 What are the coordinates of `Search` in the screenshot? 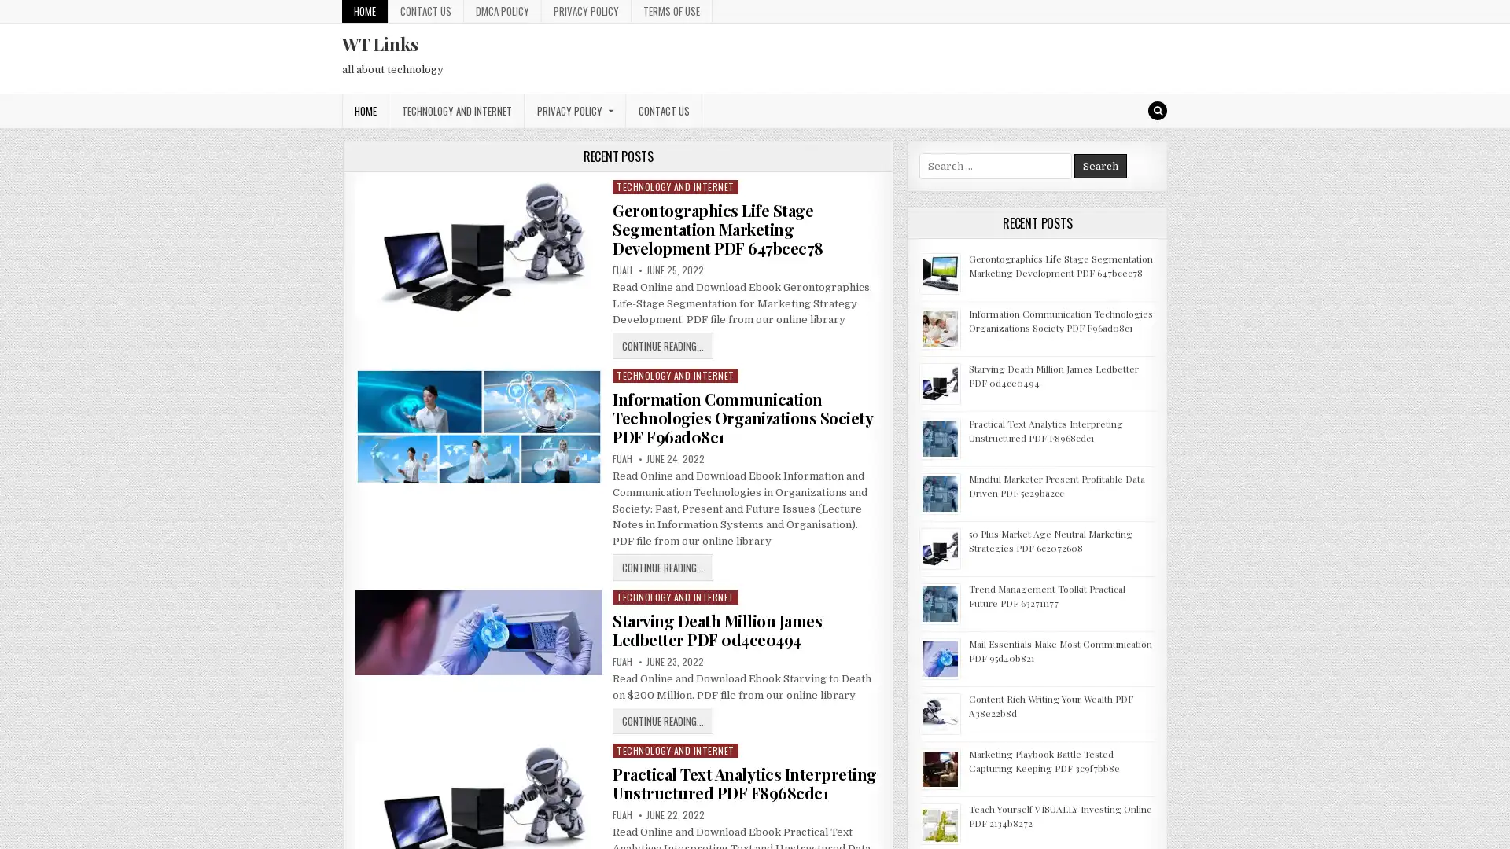 It's located at (1099, 166).